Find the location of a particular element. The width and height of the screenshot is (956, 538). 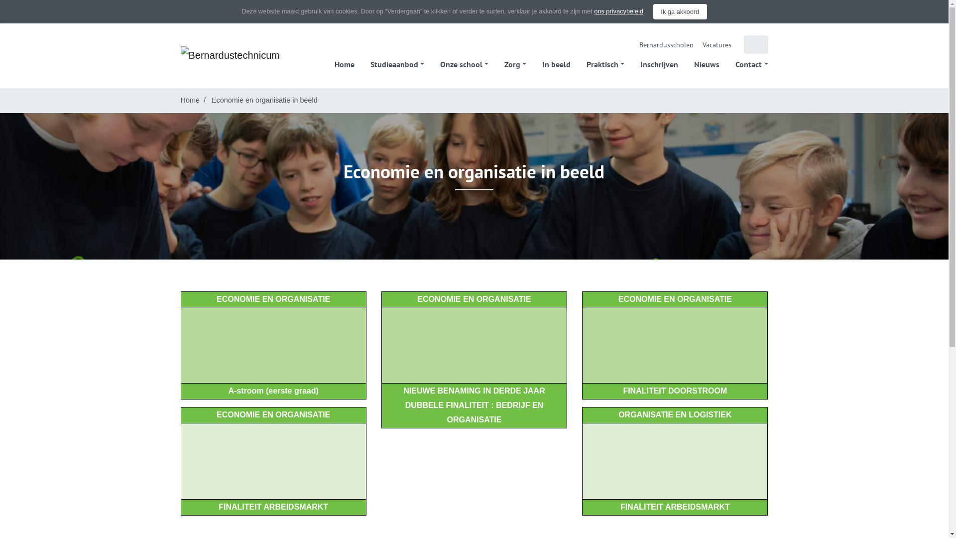

'Praktisch' is located at coordinates (604, 64).